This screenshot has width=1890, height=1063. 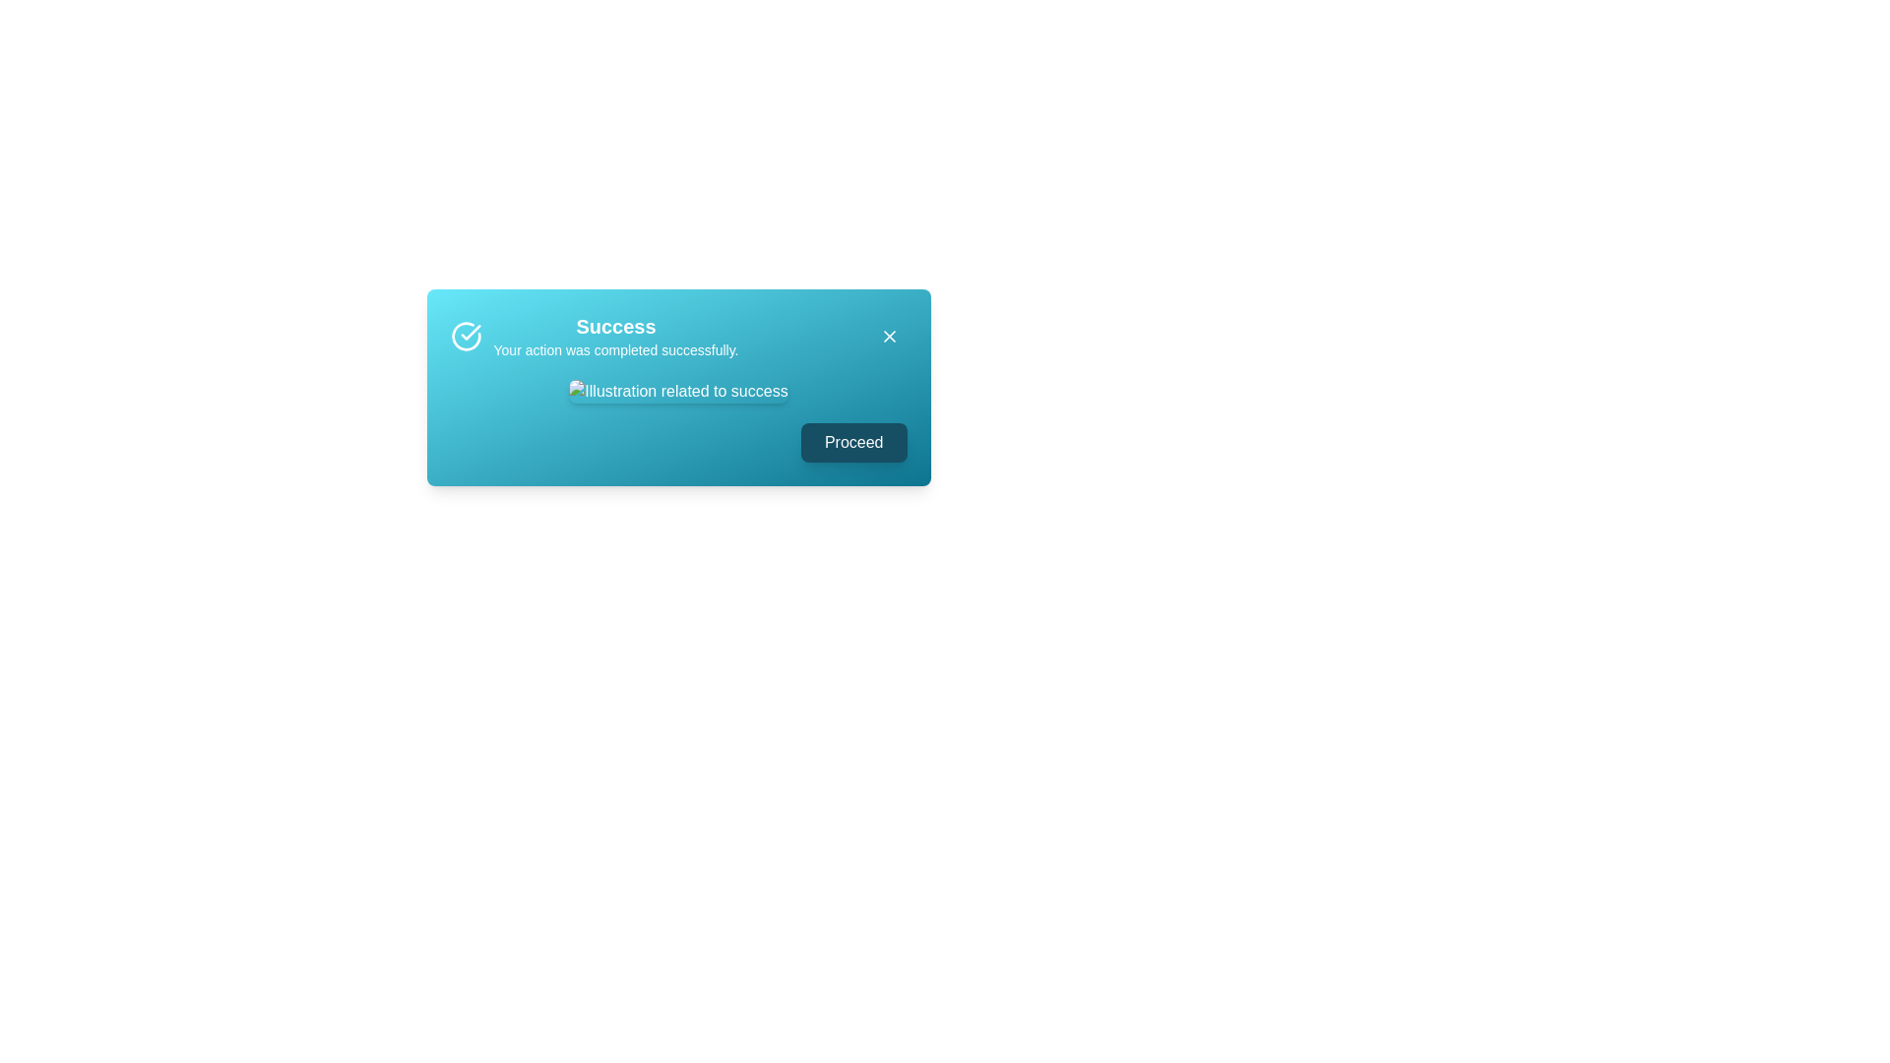 What do you see at coordinates (853, 443) in the screenshot?
I see `the 'Proceed' button to initiate the next step` at bounding box center [853, 443].